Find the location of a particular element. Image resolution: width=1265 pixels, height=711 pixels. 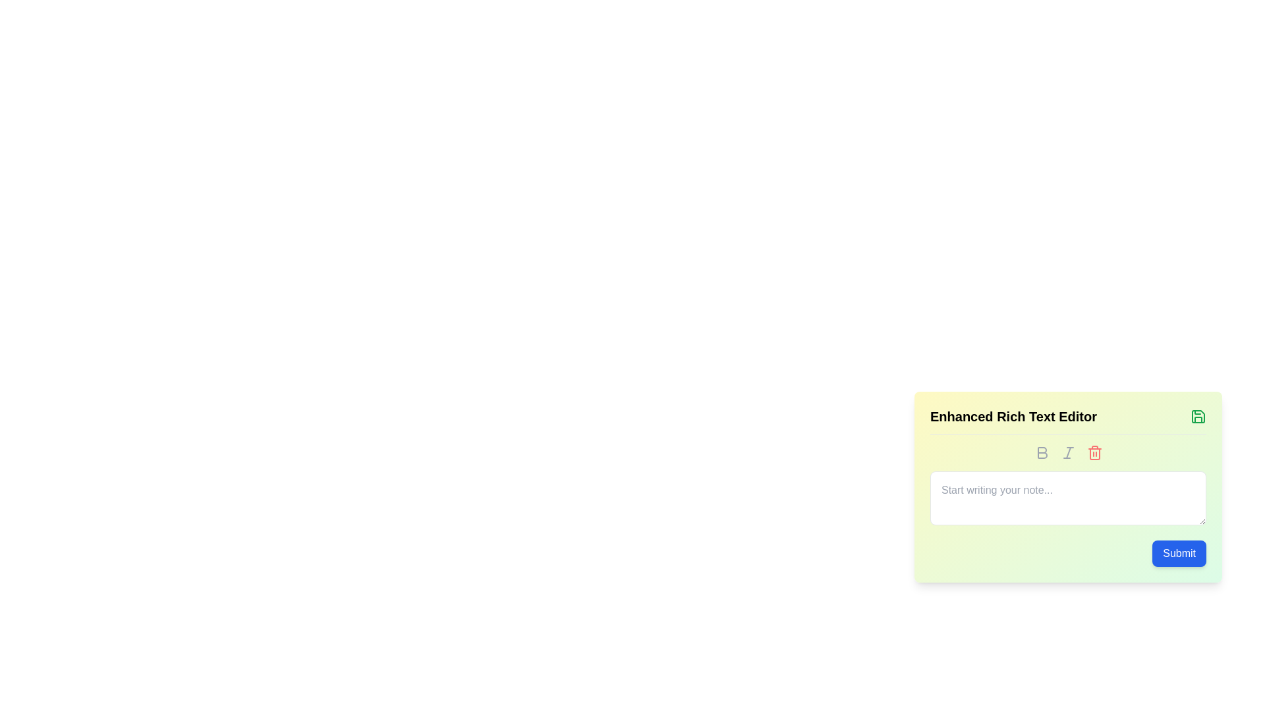

the green save icon shaped like a floppy disk located at the top-right of the enhanced text editor is located at coordinates (1198, 416).